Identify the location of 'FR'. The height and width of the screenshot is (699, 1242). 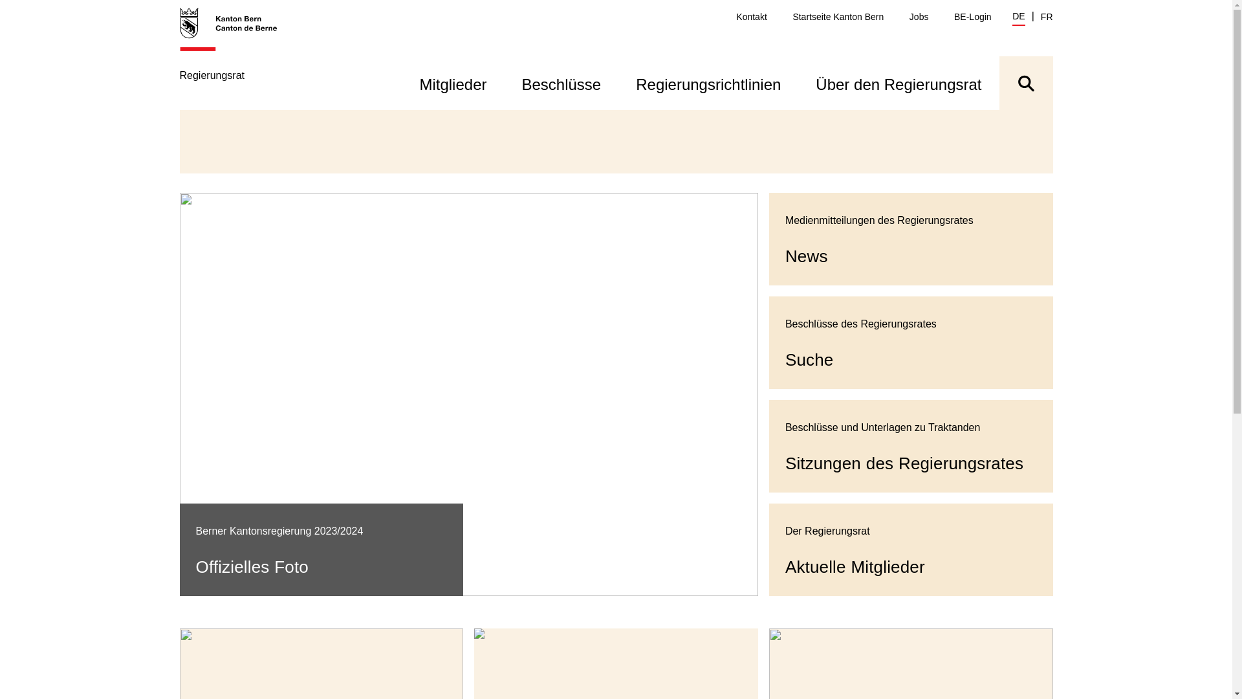
(1047, 17).